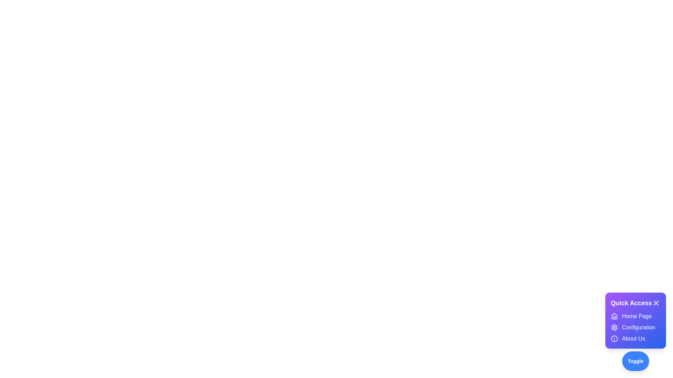 This screenshot has width=673, height=378. What do you see at coordinates (656, 303) in the screenshot?
I see `the close button, which is an 'X' icon styled in white on a purple background, located at the top-right corner of the 'Quick Access' panel` at bounding box center [656, 303].